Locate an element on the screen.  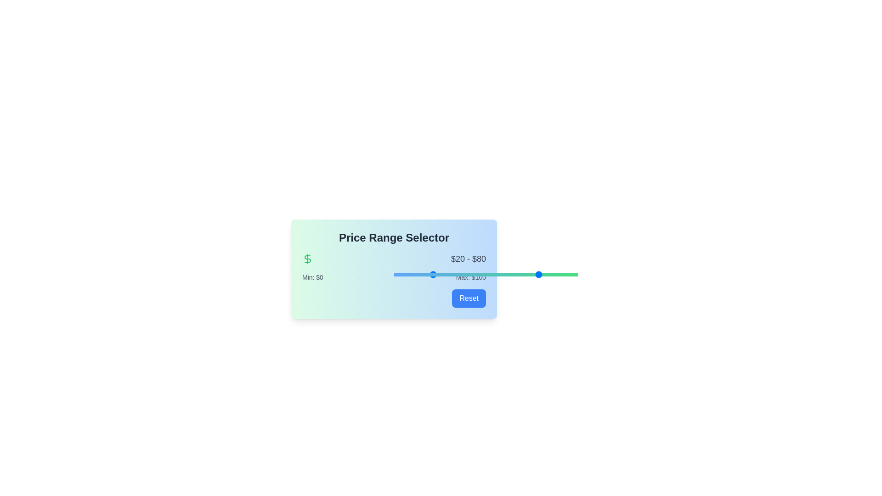
the green dollar sign icon located next to the label 'Min: $0' in the price range selector interface is located at coordinates (308, 259).